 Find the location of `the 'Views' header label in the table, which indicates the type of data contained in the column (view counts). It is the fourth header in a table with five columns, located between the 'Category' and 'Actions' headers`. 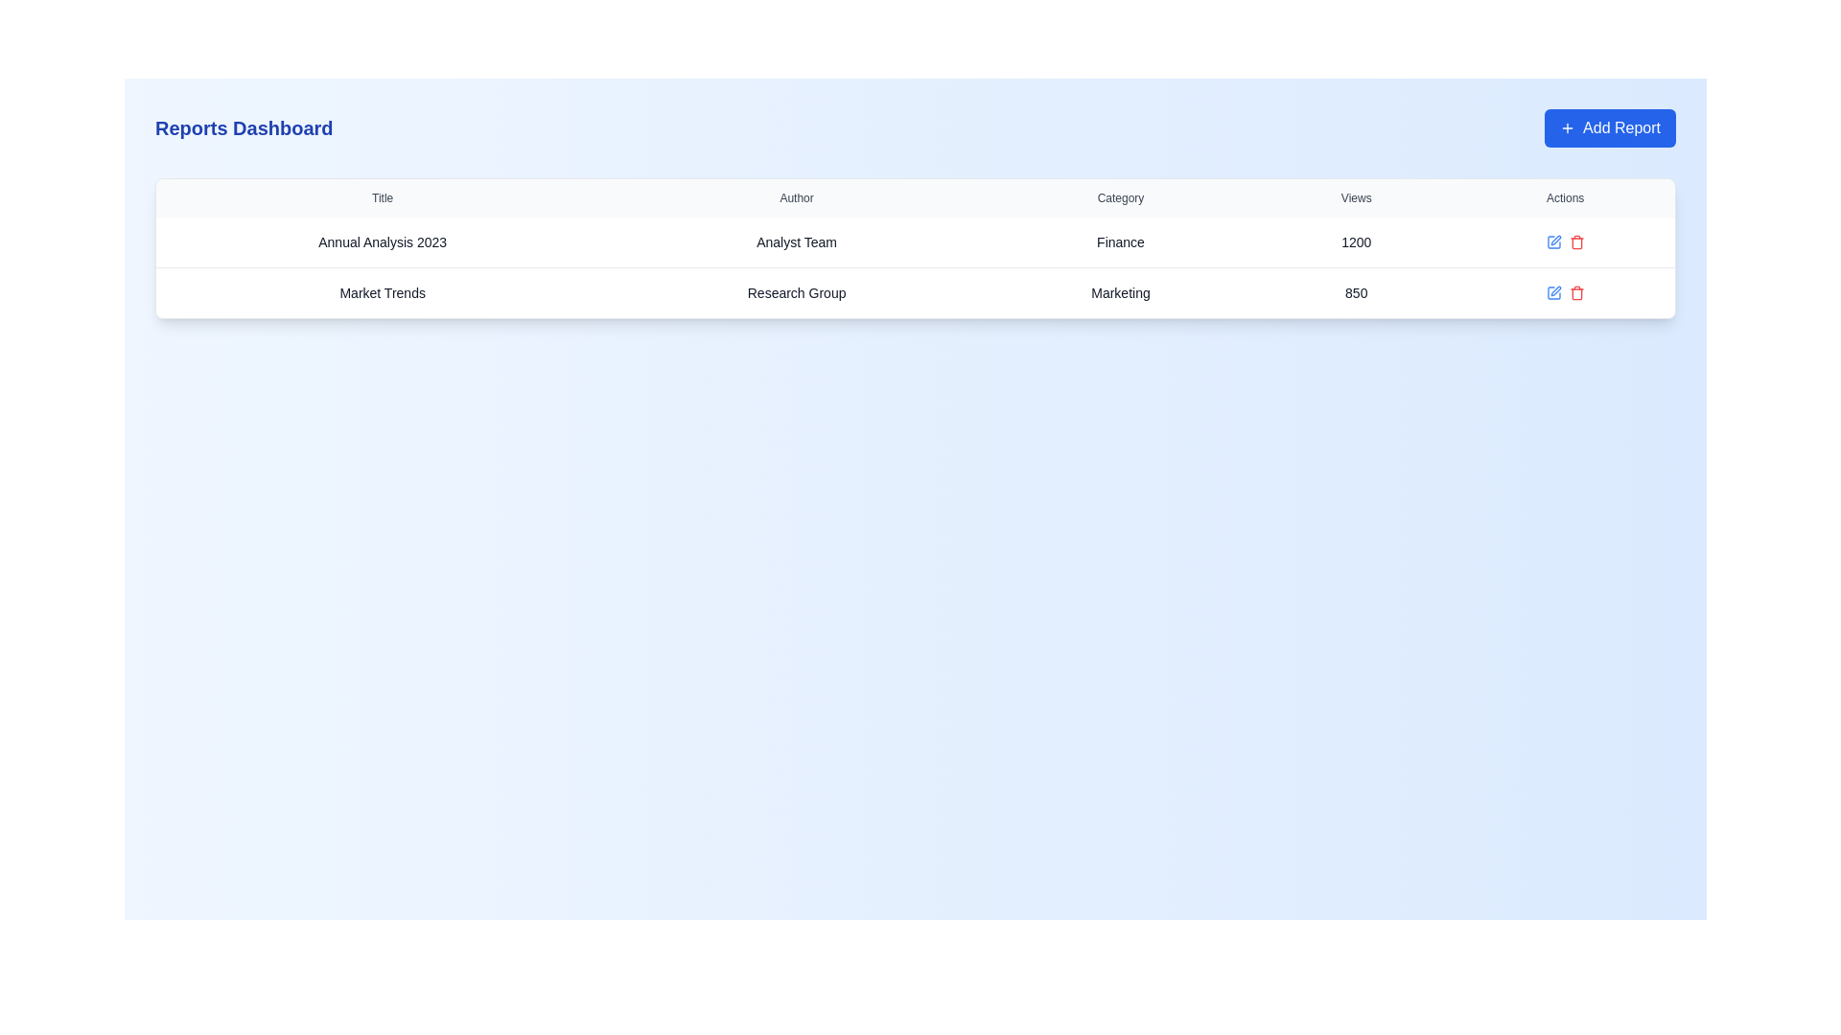

the 'Views' header label in the table, which indicates the type of data contained in the column (view counts). It is the fourth header in a table with five columns, located between the 'Category' and 'Actions' headers is located at coordinates (1355, 198).